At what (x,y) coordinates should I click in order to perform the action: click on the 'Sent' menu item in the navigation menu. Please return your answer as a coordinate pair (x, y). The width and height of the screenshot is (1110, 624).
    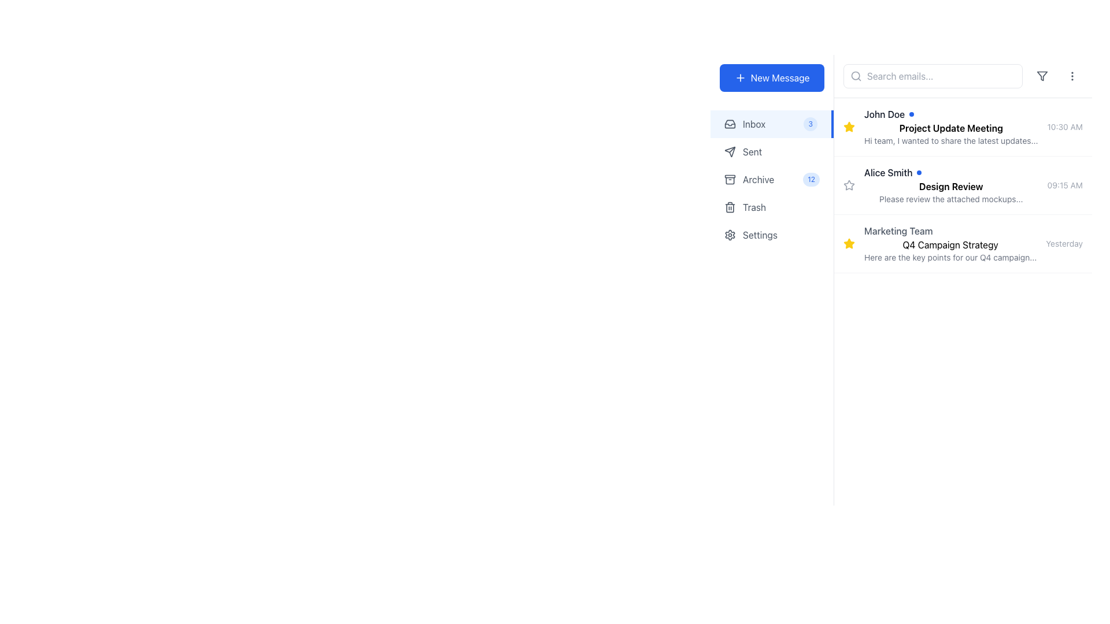
    Looking at the image, I should click on (771, 151).